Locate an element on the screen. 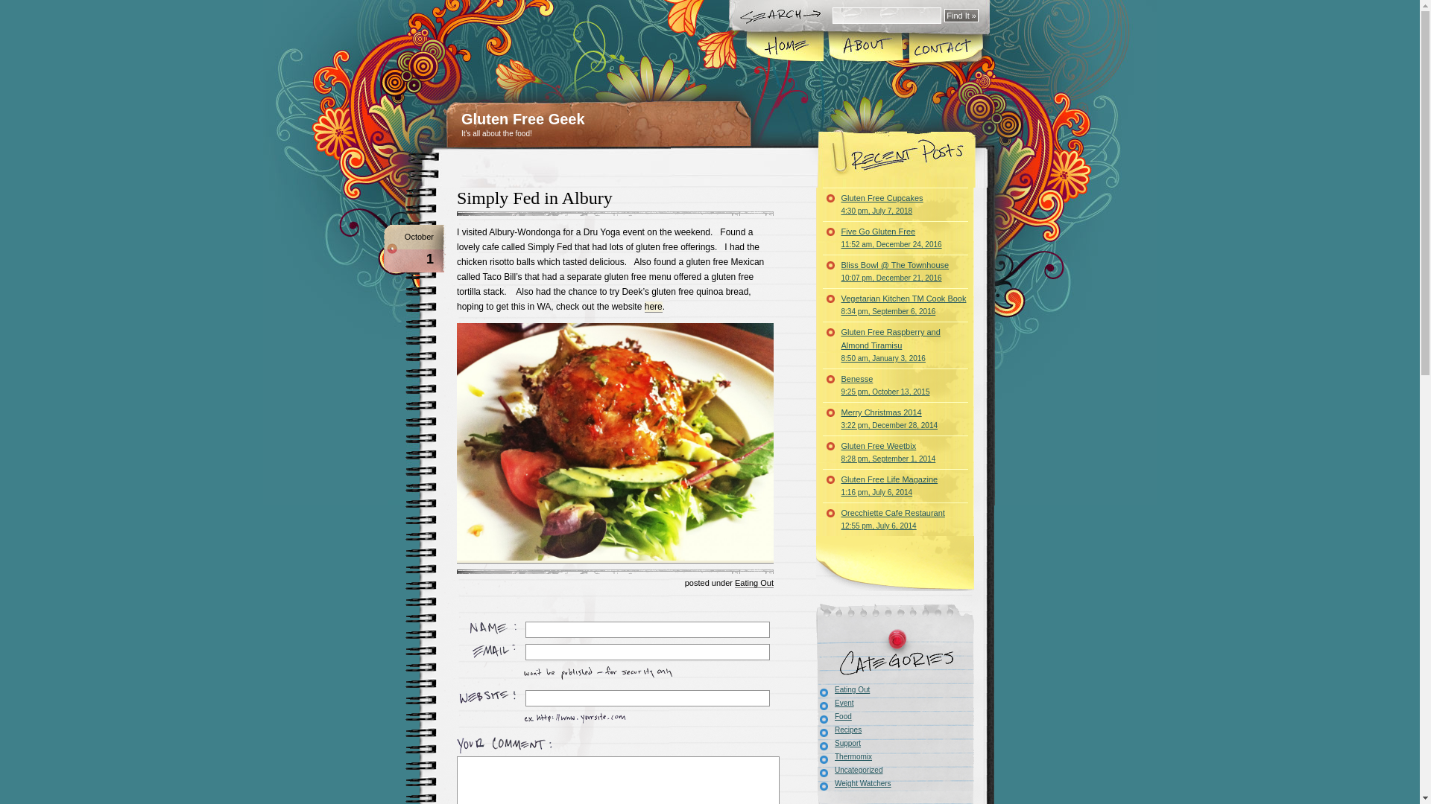  'Food' is located at coordinates (833, 715).